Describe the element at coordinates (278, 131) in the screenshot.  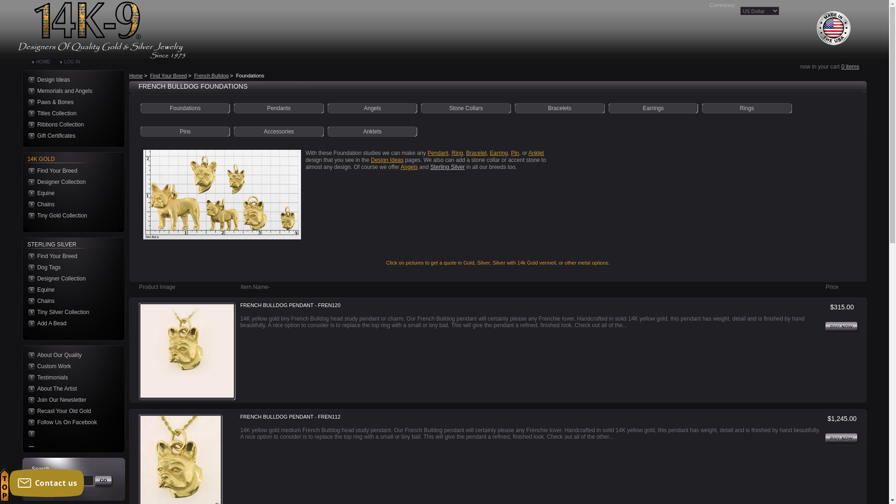
I see `'Accessories'` at that location.